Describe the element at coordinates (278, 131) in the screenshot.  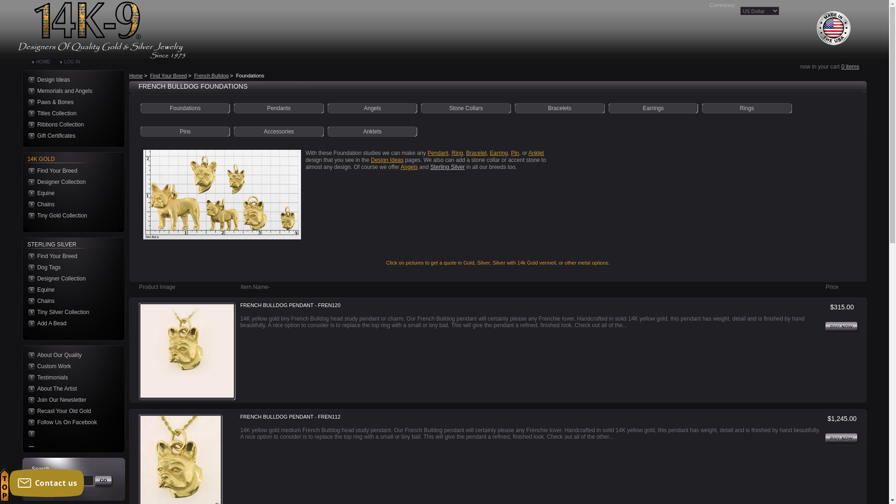
I see `'Accessories'` at that location.